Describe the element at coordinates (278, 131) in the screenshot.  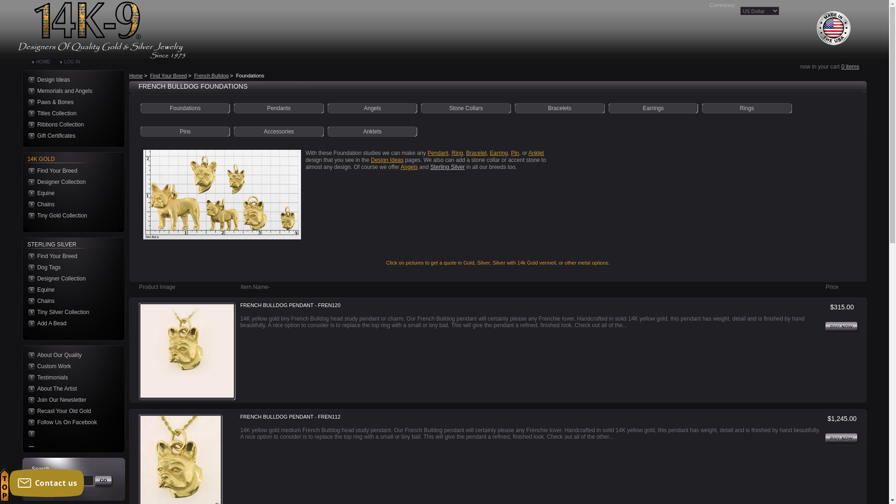
I see `'Accessories'` at that location.